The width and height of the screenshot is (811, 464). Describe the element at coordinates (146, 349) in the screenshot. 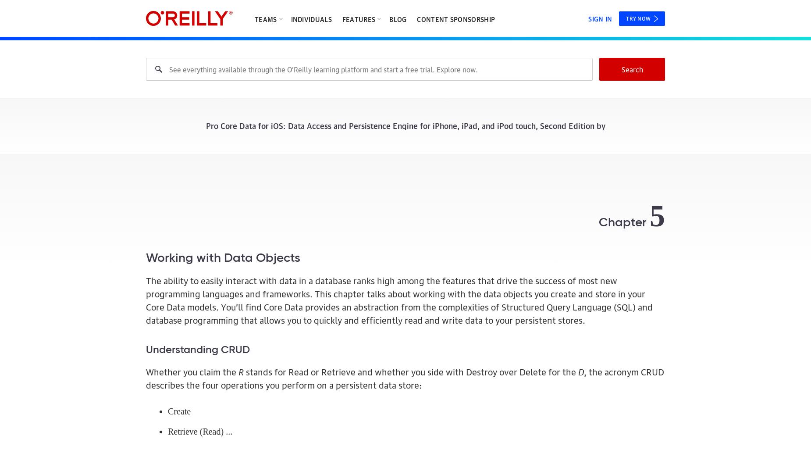

I see `'Understanding CRUD'` at that location.